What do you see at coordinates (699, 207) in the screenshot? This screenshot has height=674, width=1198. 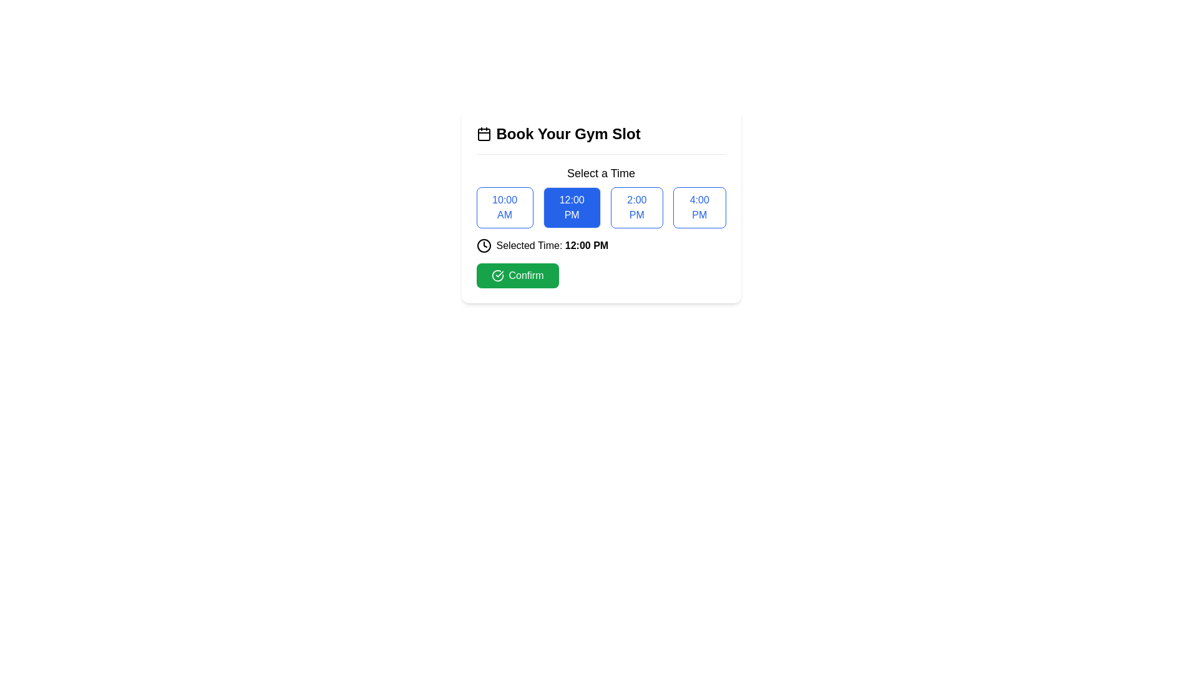 I see `the fourth button labeled '4:00 PM'` at bounding box center [699, 207].